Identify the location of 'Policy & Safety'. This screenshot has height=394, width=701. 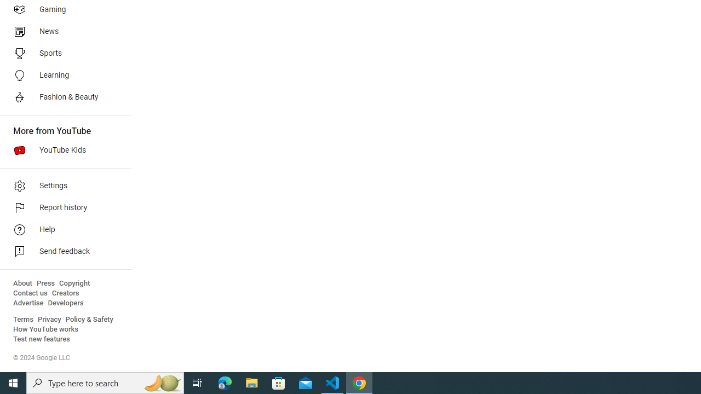
(89, 320).